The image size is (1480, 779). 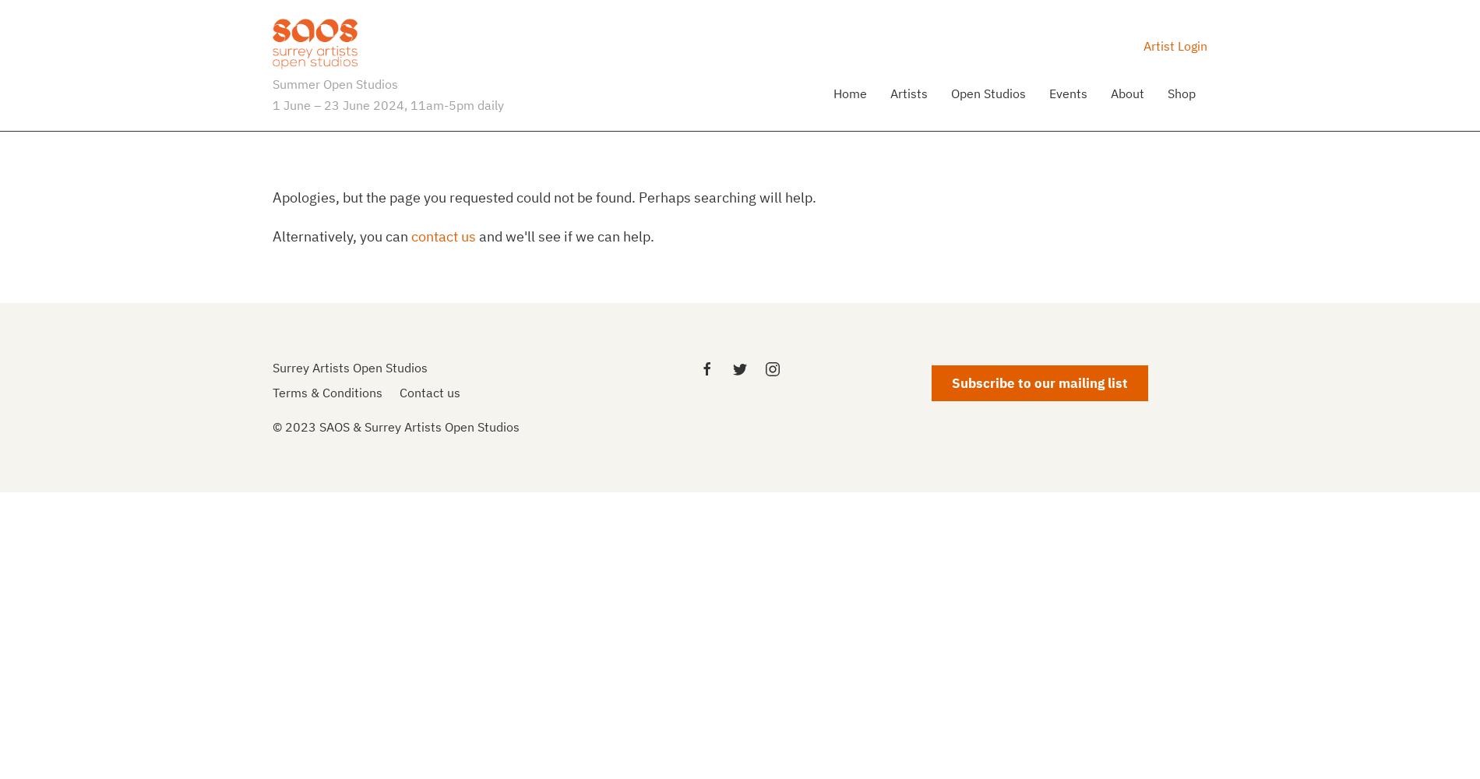 What do you see at coordinates (1167, 91) in the screenshot?
I see `'Shop'` at bounding box center [1167, 91].